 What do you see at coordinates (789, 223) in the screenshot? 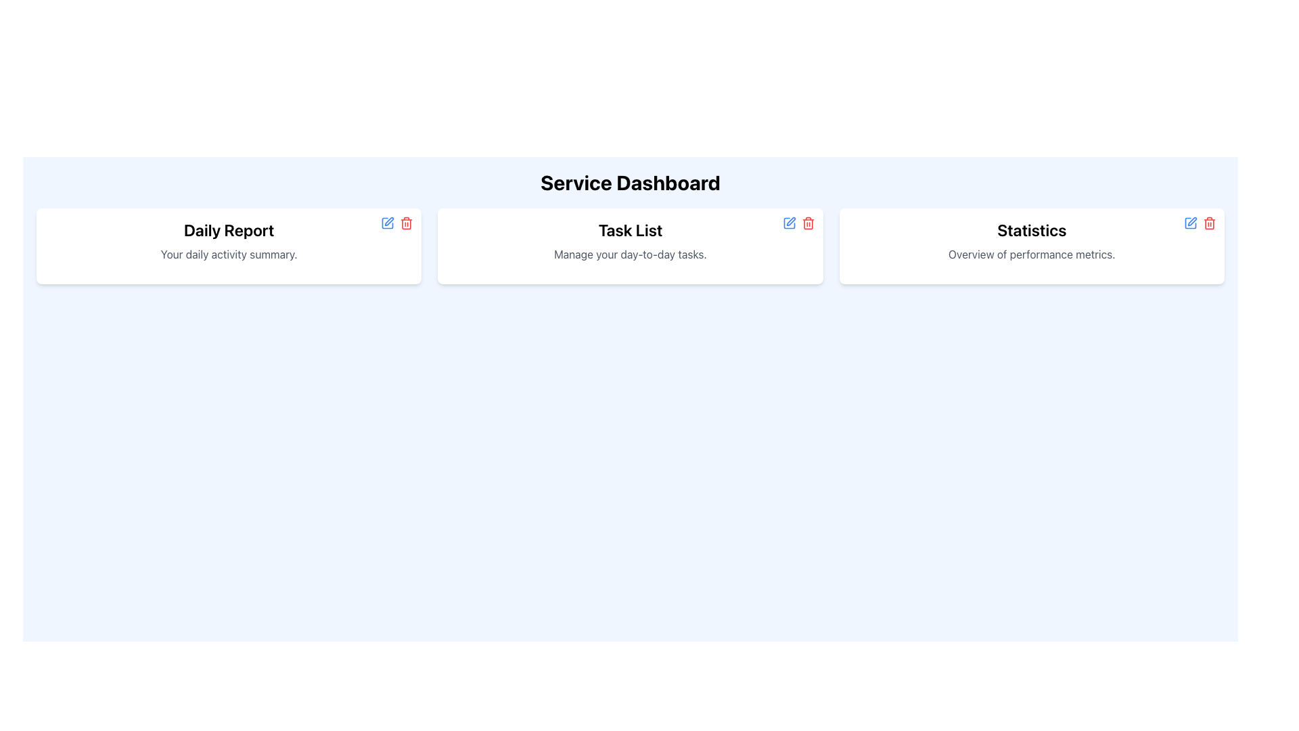
I see `the square outline with rounded corners in the SVG icon group located in the header of the 'Task List' card` at bounding box center [789, 223].